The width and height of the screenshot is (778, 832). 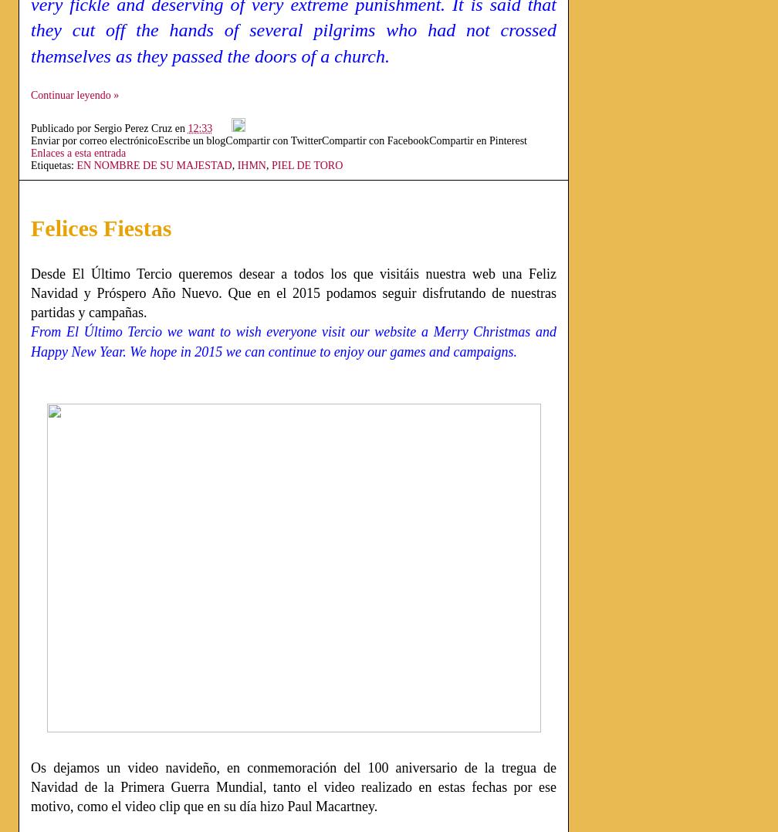 What do you see at coordinates (62, 127) in the screenshot?
I see `'Publicado por'` at bounding box center [62, 127].